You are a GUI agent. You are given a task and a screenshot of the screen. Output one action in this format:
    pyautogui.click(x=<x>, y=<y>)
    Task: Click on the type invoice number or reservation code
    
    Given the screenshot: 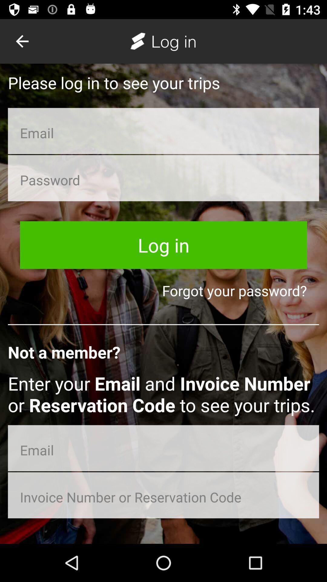 What is the action you would take?
    pyautogui.click(x=163, y=495)
    